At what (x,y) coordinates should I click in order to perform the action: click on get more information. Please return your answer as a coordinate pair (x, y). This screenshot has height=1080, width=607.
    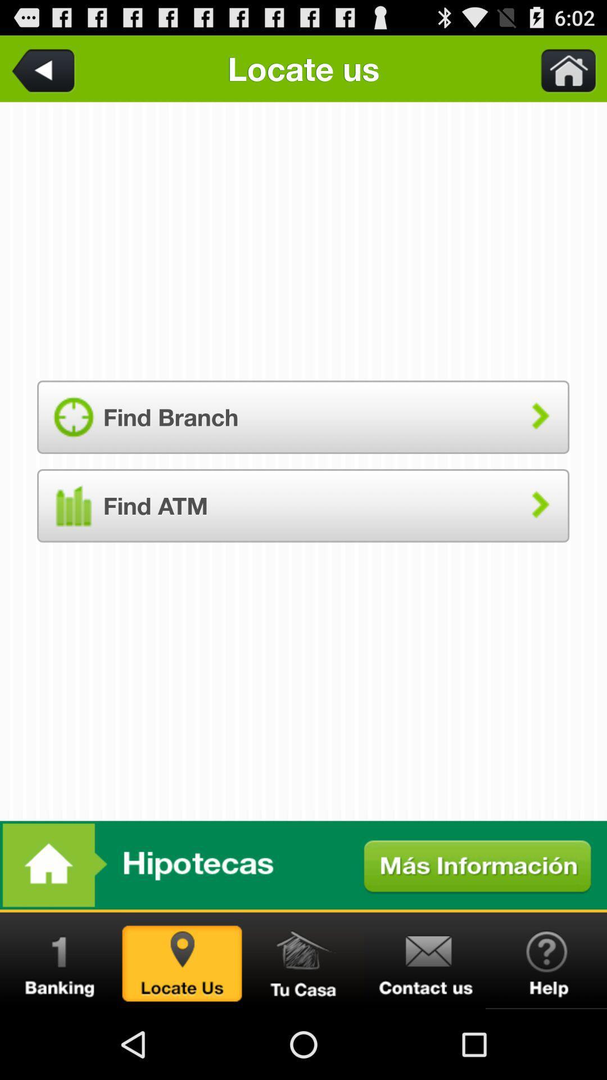
    Looking at the image, I should click on (303, 865).